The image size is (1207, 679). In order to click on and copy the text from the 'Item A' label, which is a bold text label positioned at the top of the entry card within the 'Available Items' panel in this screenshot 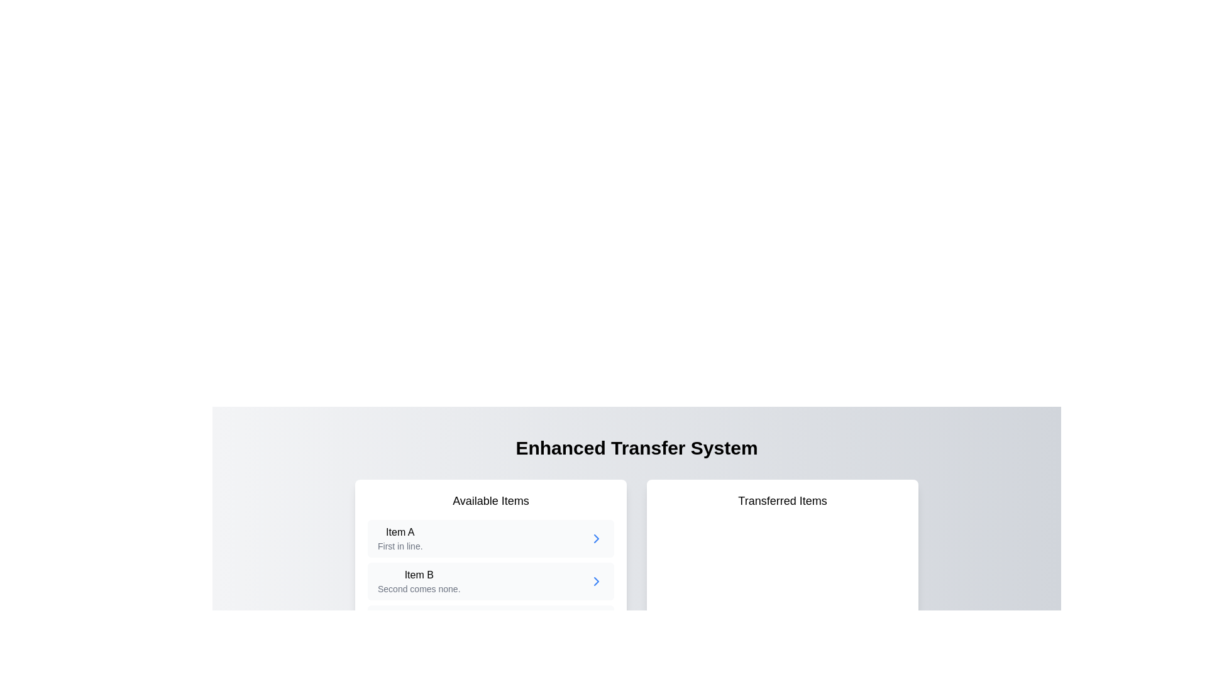, I will do `click(399, 533)`.